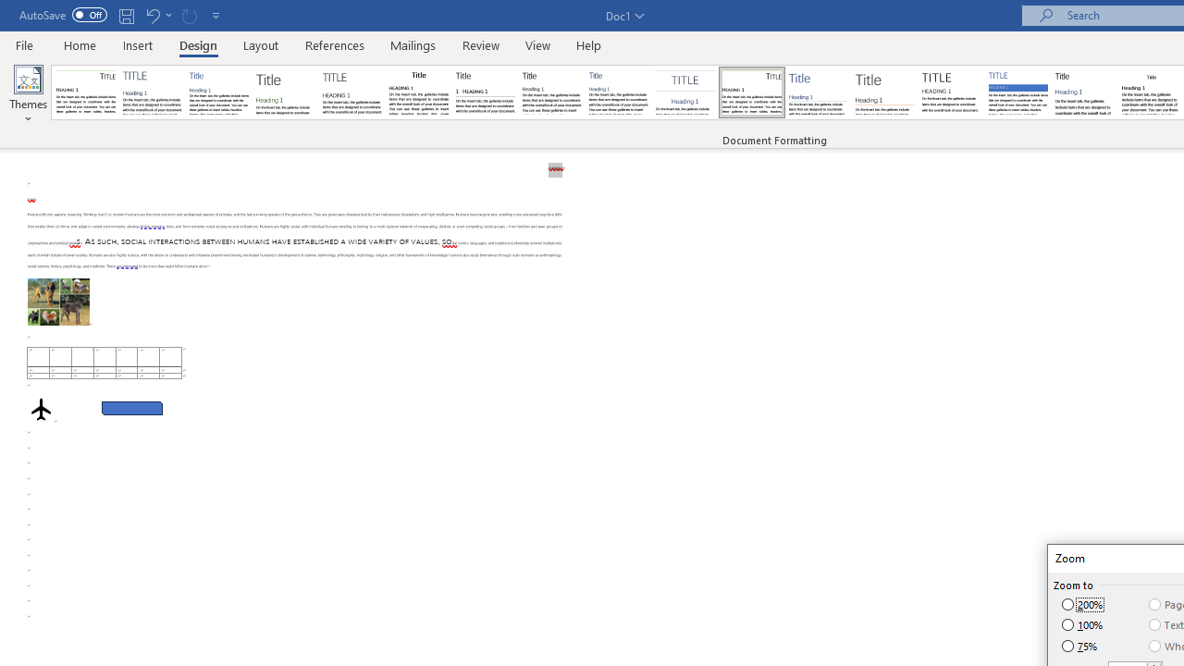 Image resolution: width=1184 pixels, height=666 pixels. What do you see at coordinates (41, 408) in the screenshot?
I see `'Airplane with solid fill'` at bounding box center [41, 408].